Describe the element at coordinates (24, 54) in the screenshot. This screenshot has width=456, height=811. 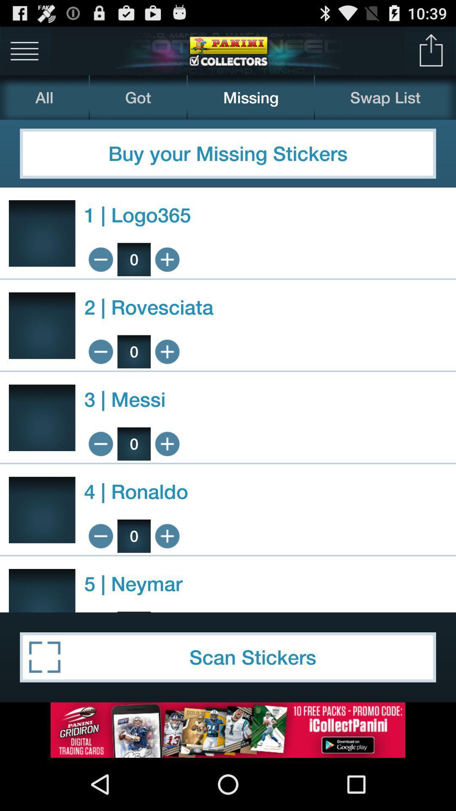
I see `the menu icon` at that location.